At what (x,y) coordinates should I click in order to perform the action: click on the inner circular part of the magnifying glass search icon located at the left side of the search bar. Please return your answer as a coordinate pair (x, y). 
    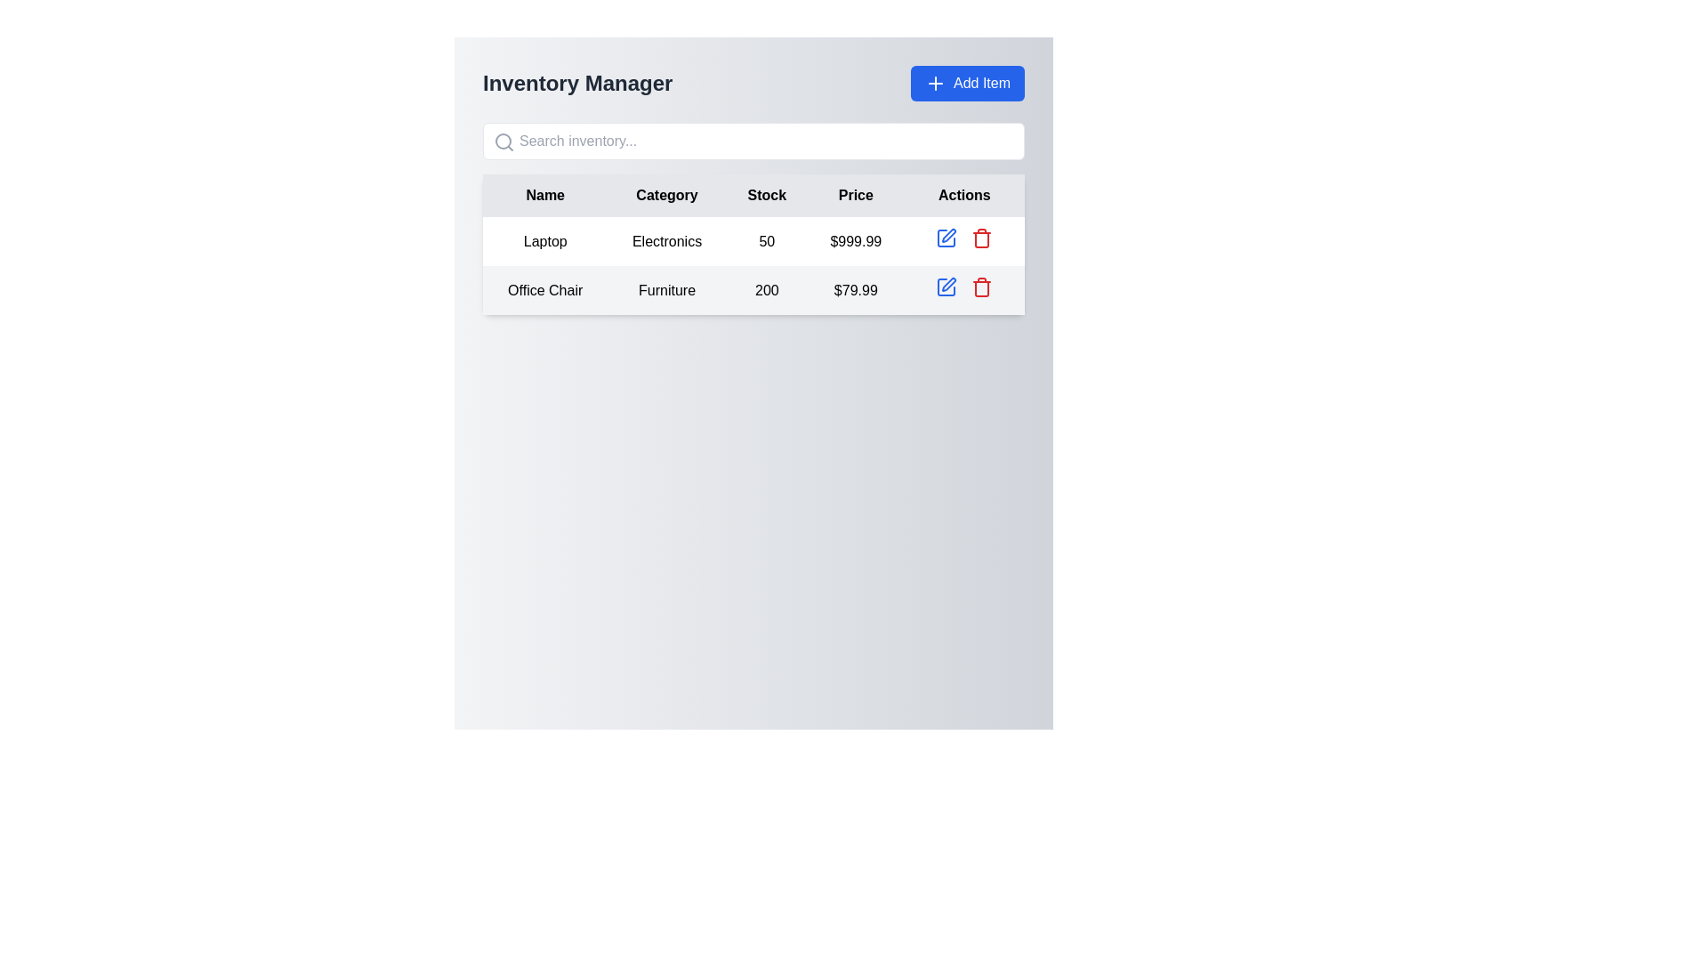
    Looking at the image, I should click on (503, 140).